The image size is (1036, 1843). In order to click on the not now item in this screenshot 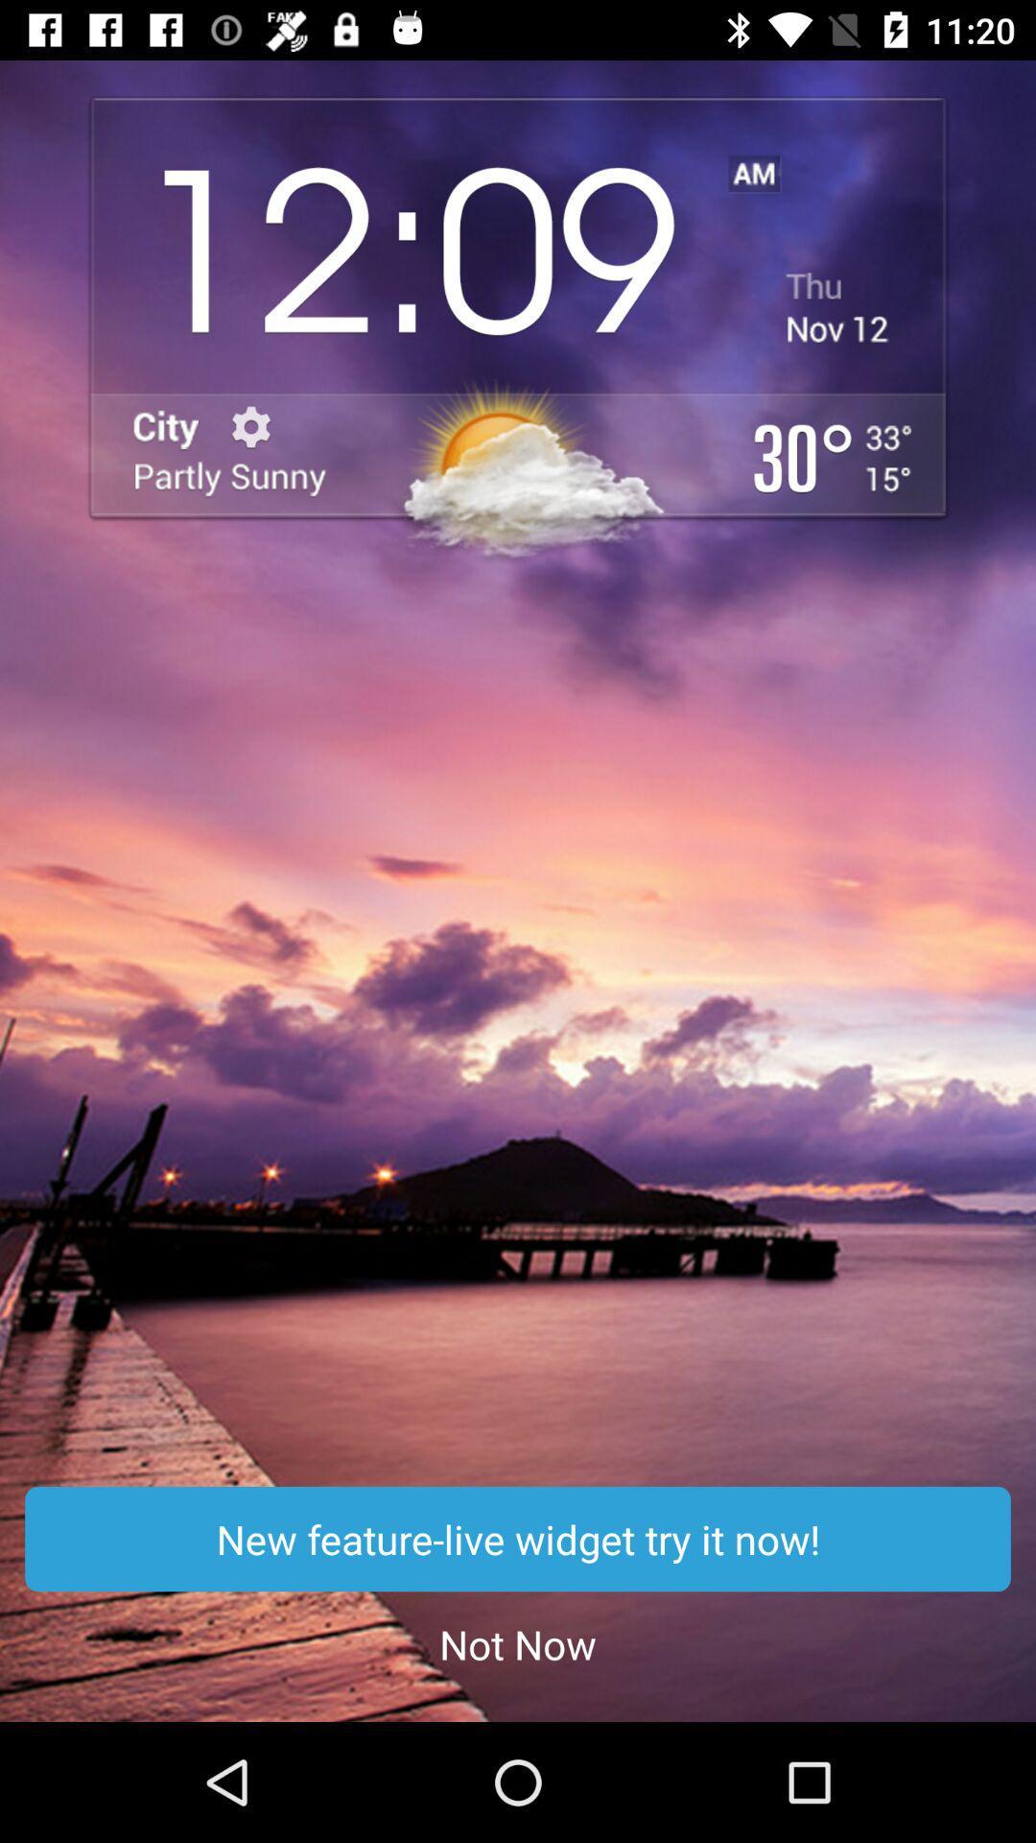, I will do `click(518, 1643)`.